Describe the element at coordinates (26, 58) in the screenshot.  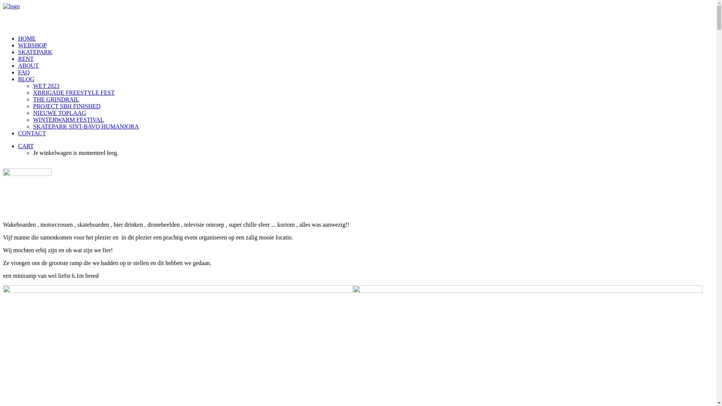
I see `'RENT'` at that location.